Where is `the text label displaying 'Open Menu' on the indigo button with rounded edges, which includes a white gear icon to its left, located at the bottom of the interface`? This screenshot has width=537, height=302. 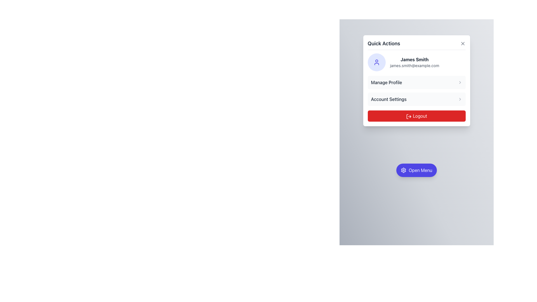
the text label displaying 'Open Menu' on the indigo button with rounded edges, which includes a white gear icon to its left, located at the bottom of the interface is located at coordinates (420, 170).